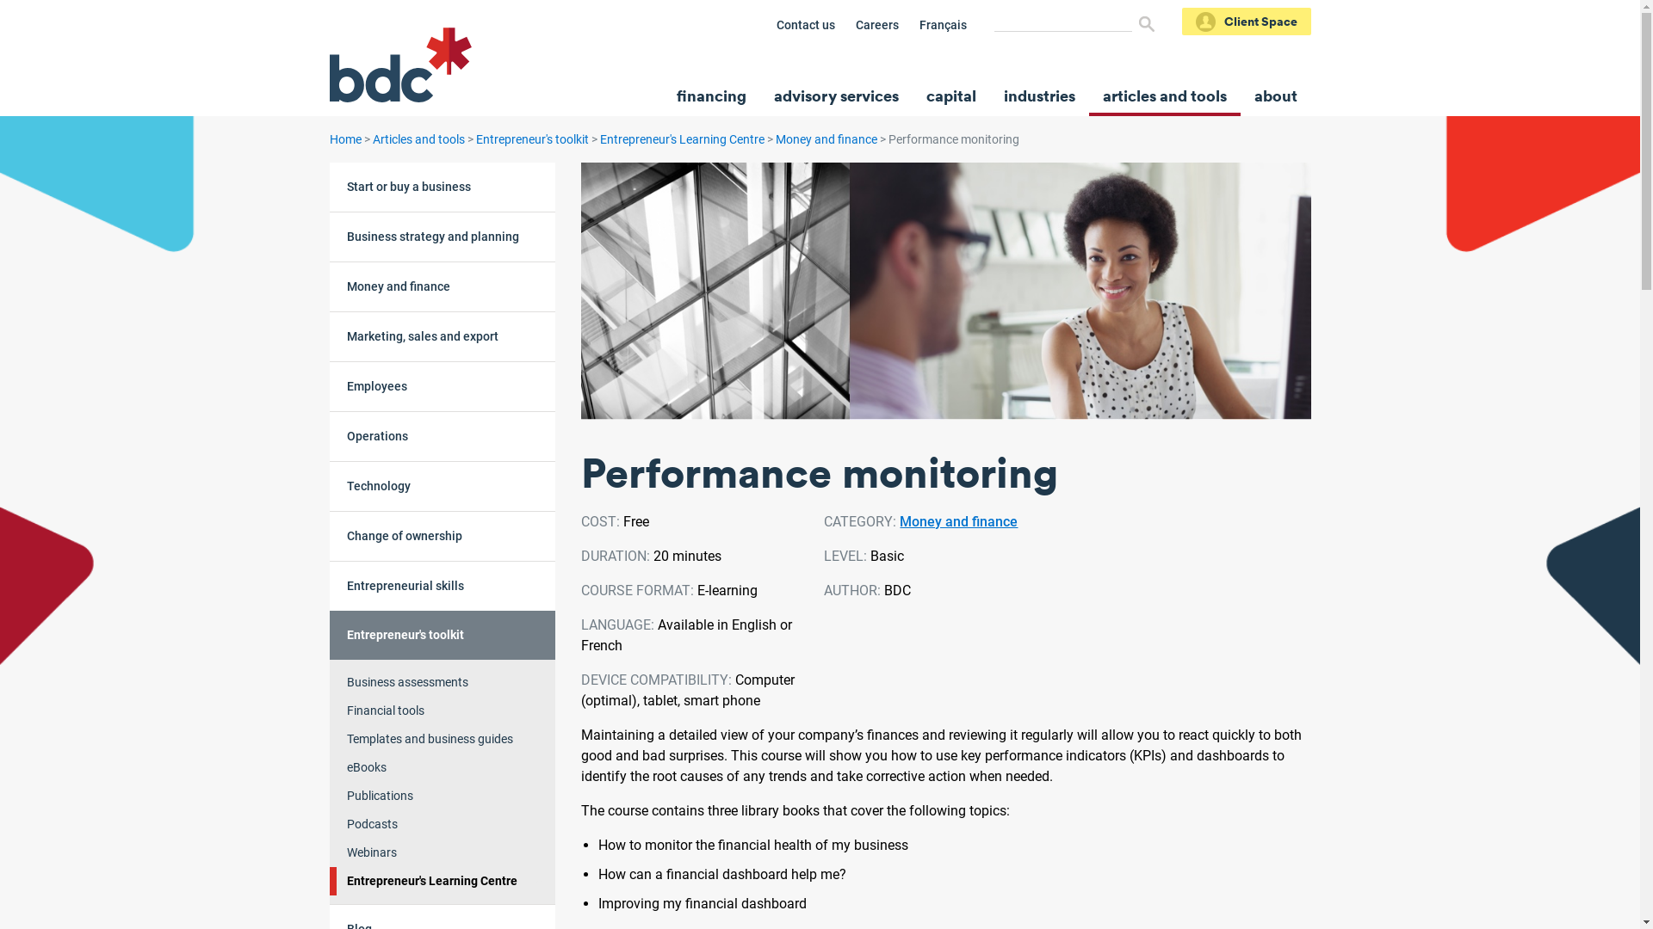 This screenshot has width=1653, height=929. I want to click on 'Contact us', so click(805, 25).